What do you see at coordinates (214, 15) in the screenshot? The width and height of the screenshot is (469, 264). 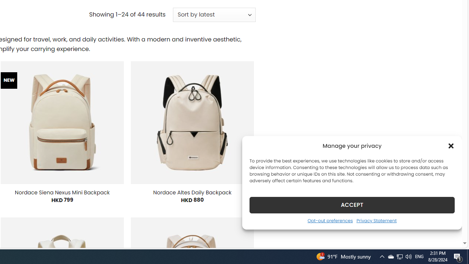 I see `'Shop order'` at bounding box center [214, 15].